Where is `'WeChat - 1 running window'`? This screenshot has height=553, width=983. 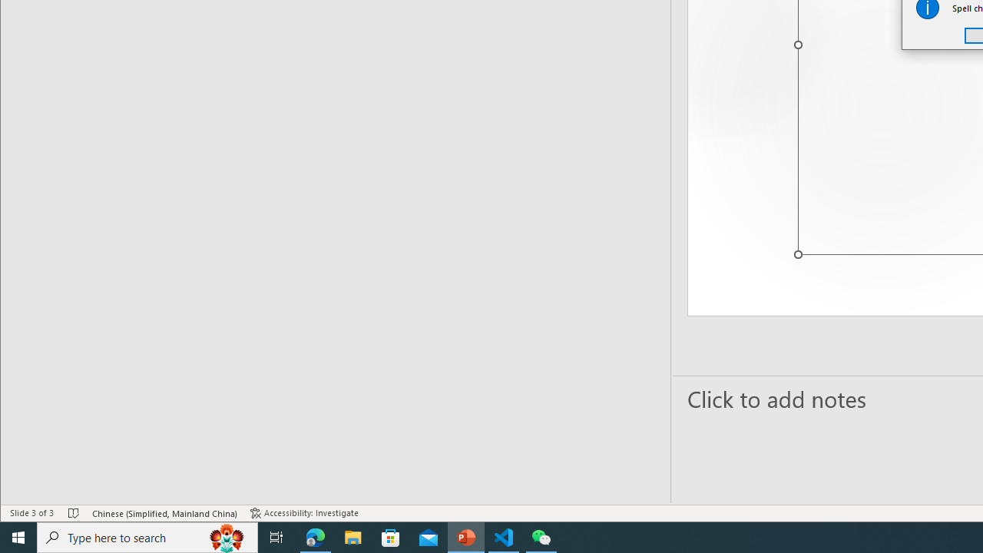 'WeChat - 1 running window' is located at coordinates (541, 536).